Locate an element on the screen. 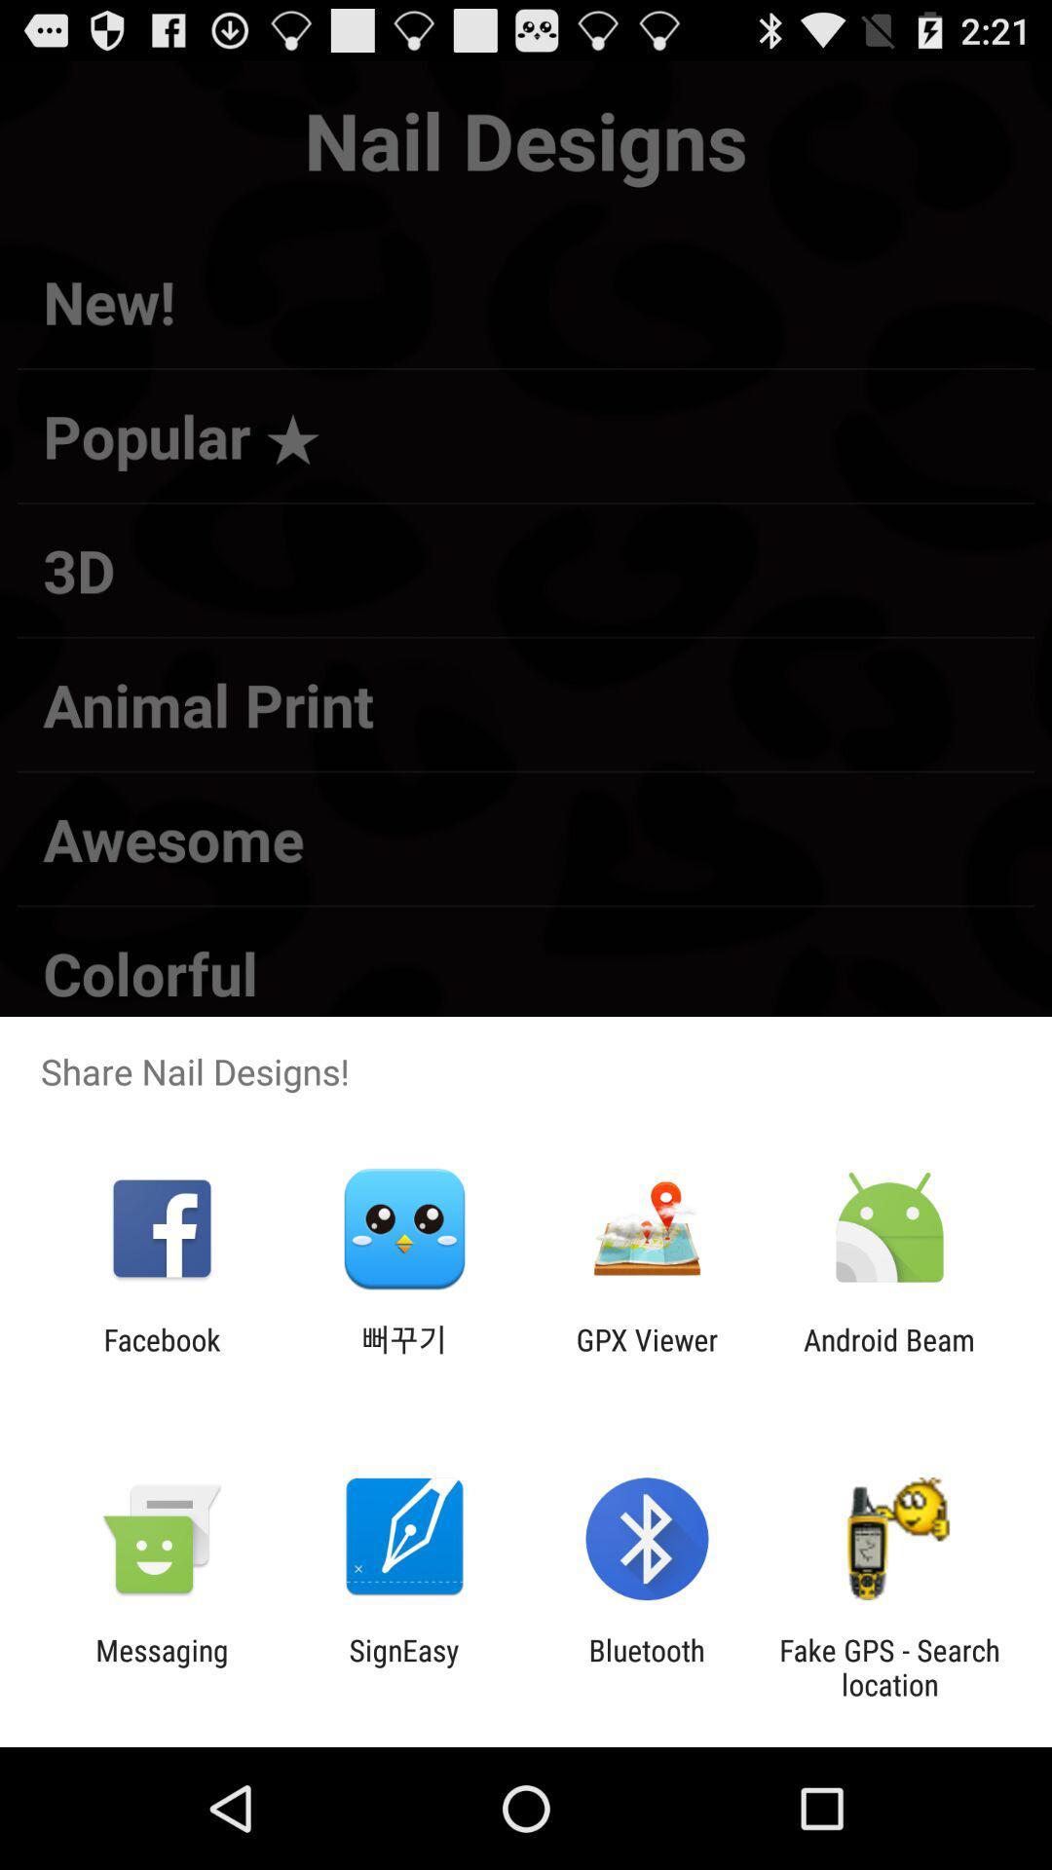  icon to the left of the bluetooth is located at coordinates (403, 1666).